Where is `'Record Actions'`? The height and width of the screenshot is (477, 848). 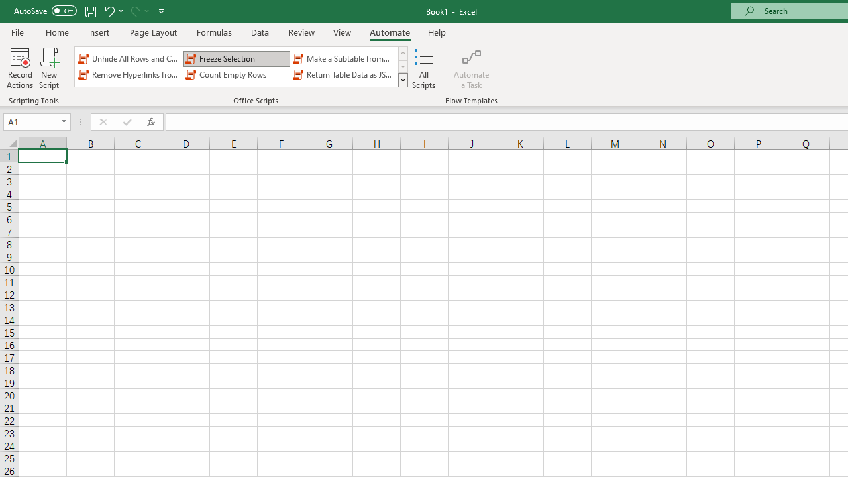 'Record Actions' is located at coordinates (20, 68).